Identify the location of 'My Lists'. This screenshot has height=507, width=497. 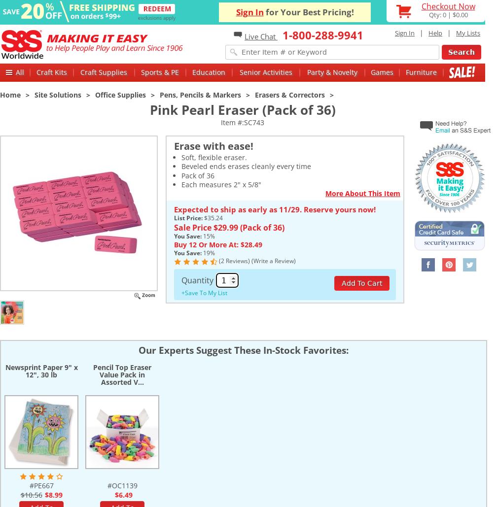
(468, 33).